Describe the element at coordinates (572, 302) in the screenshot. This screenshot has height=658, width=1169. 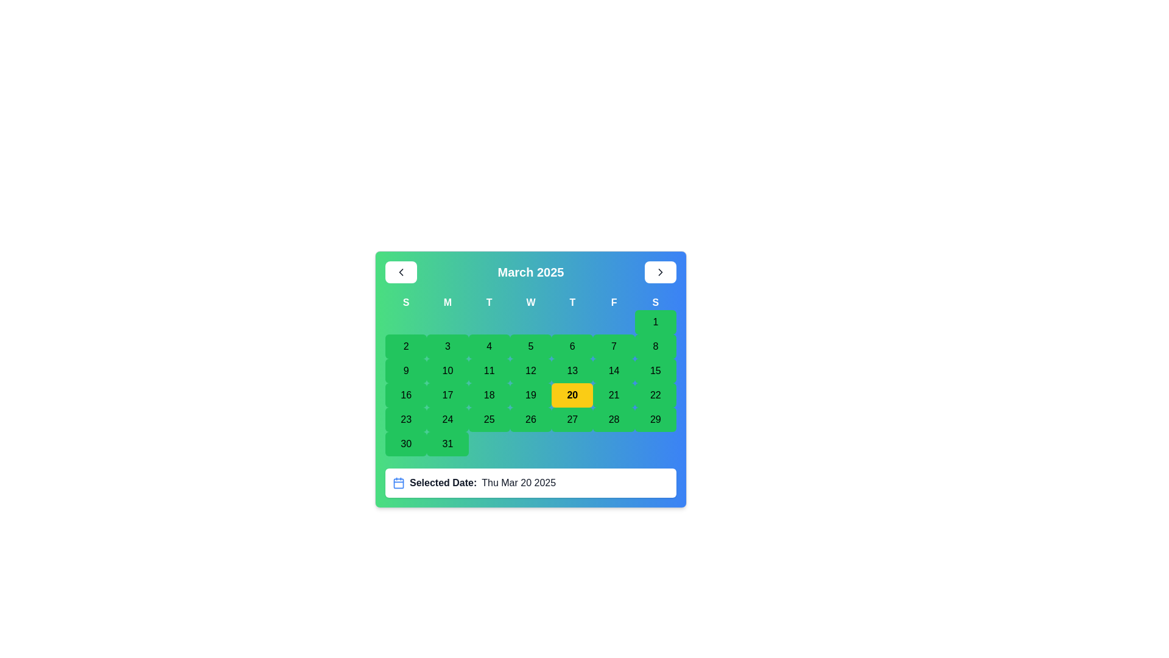
I see `the static text label displaying the letter 'T' in white color on a blue background, which is part of the days of the week header in the calendar interface` at that location.